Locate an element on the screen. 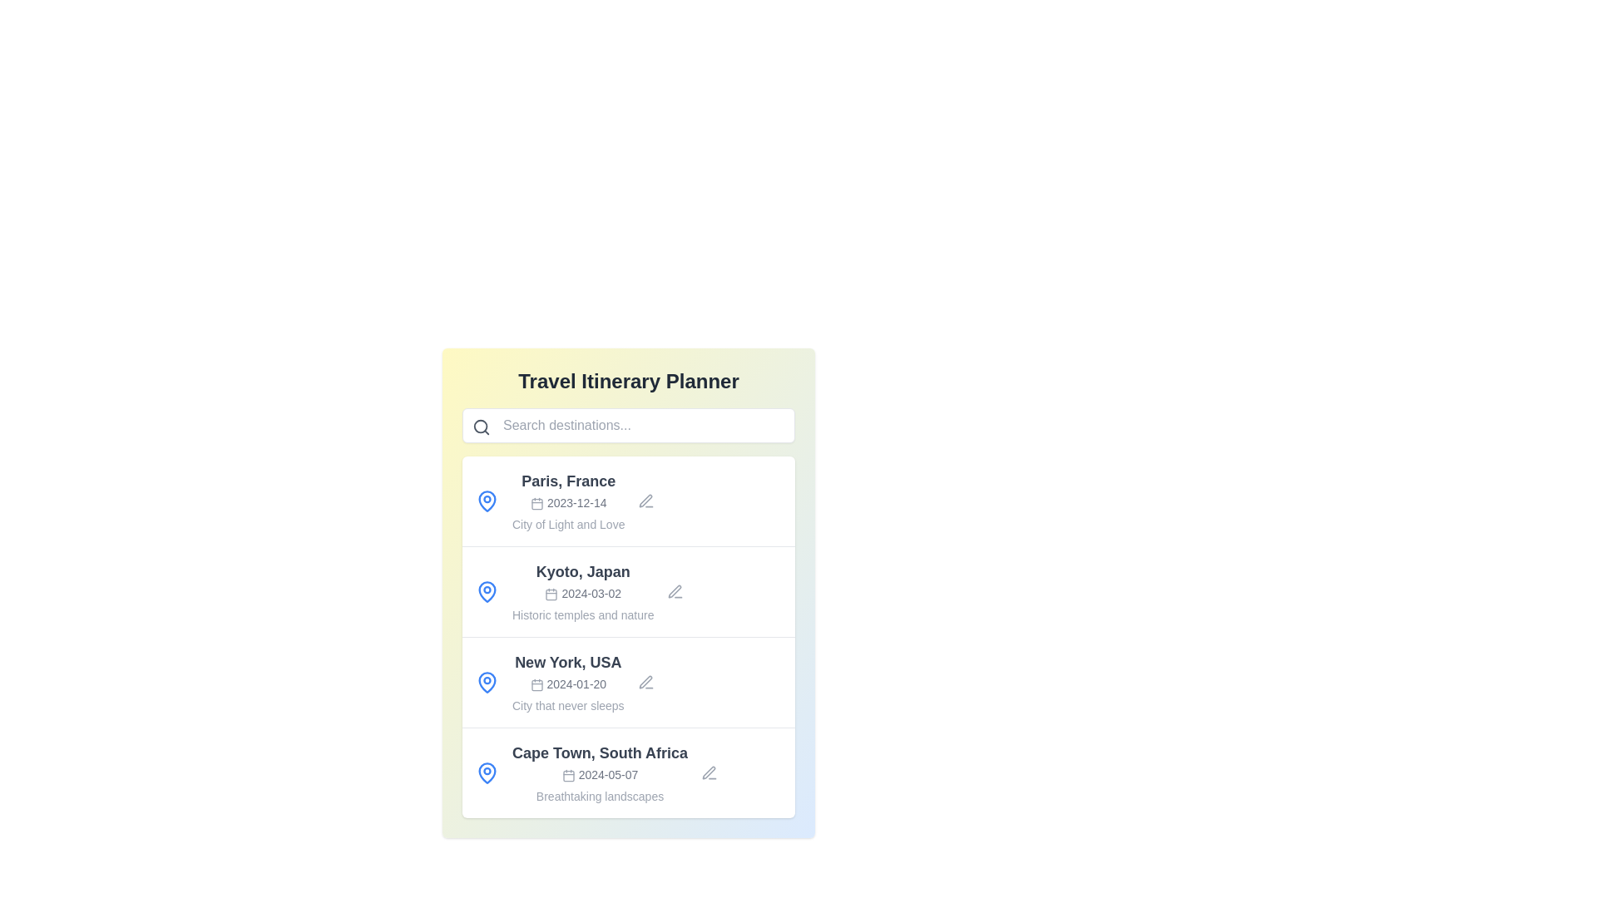 The height and width of the screenshot is (898, 1597). the text label that indicates the name of the location in the Travel Itinerary Planner is located at coordinates (568, 481).